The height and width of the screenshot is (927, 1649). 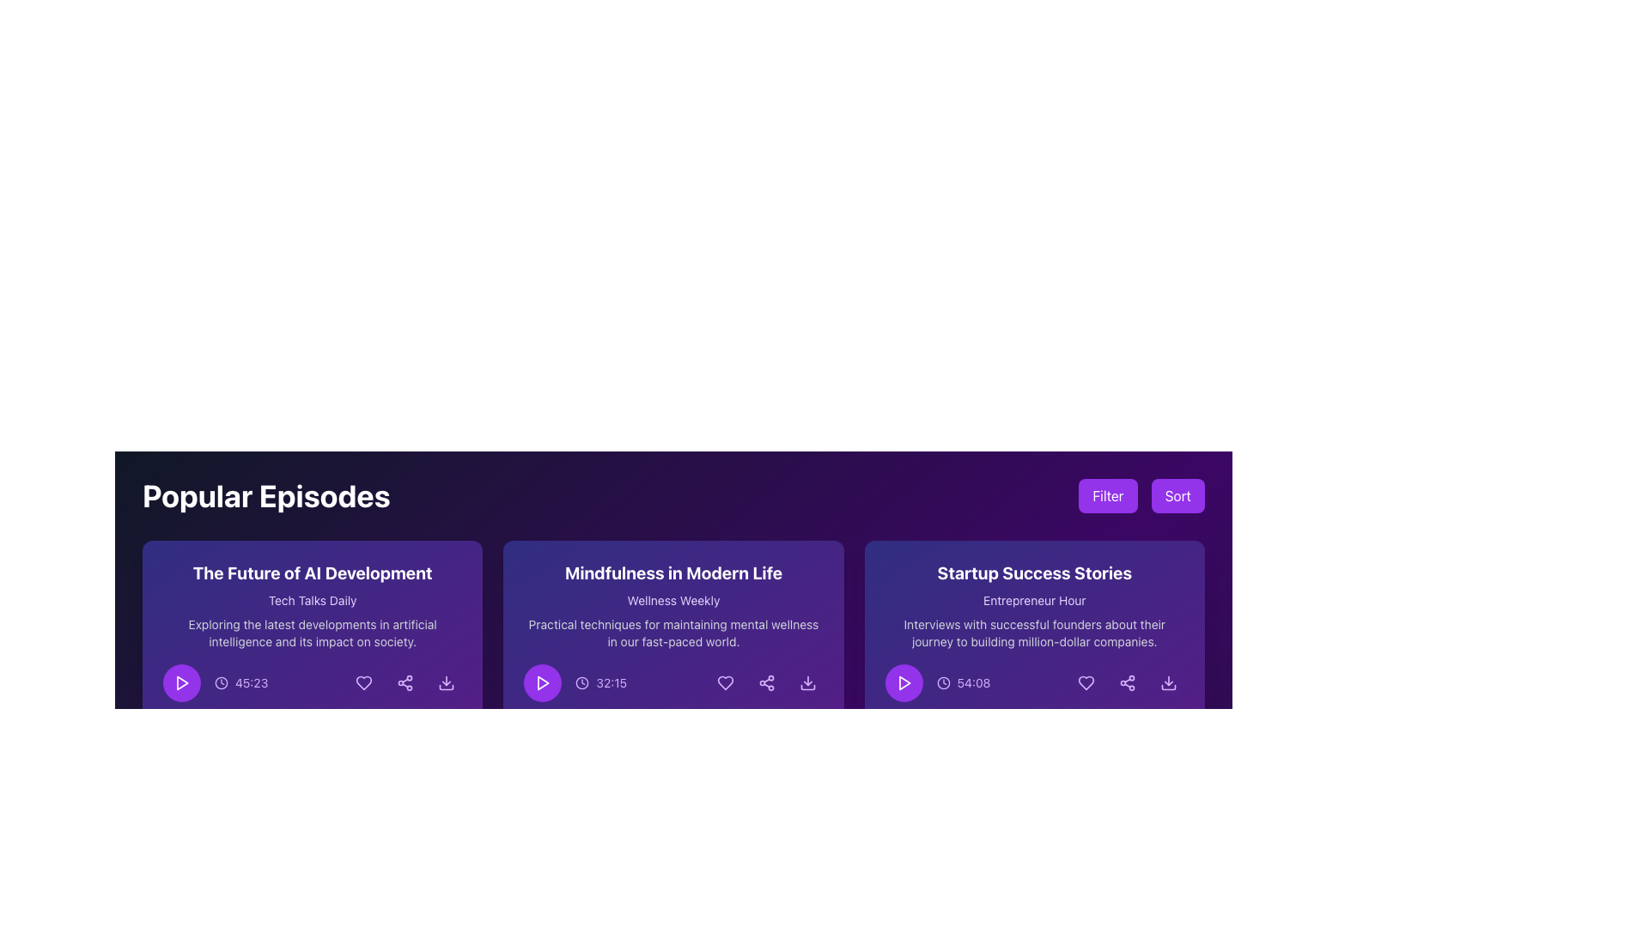 What do you see at coordinates (313, 573) in the screenshot?
I see `the title text label that serves as the main theme for its associated content card, which is centrally positioned within the card layout` at bounding box center [313, 573].